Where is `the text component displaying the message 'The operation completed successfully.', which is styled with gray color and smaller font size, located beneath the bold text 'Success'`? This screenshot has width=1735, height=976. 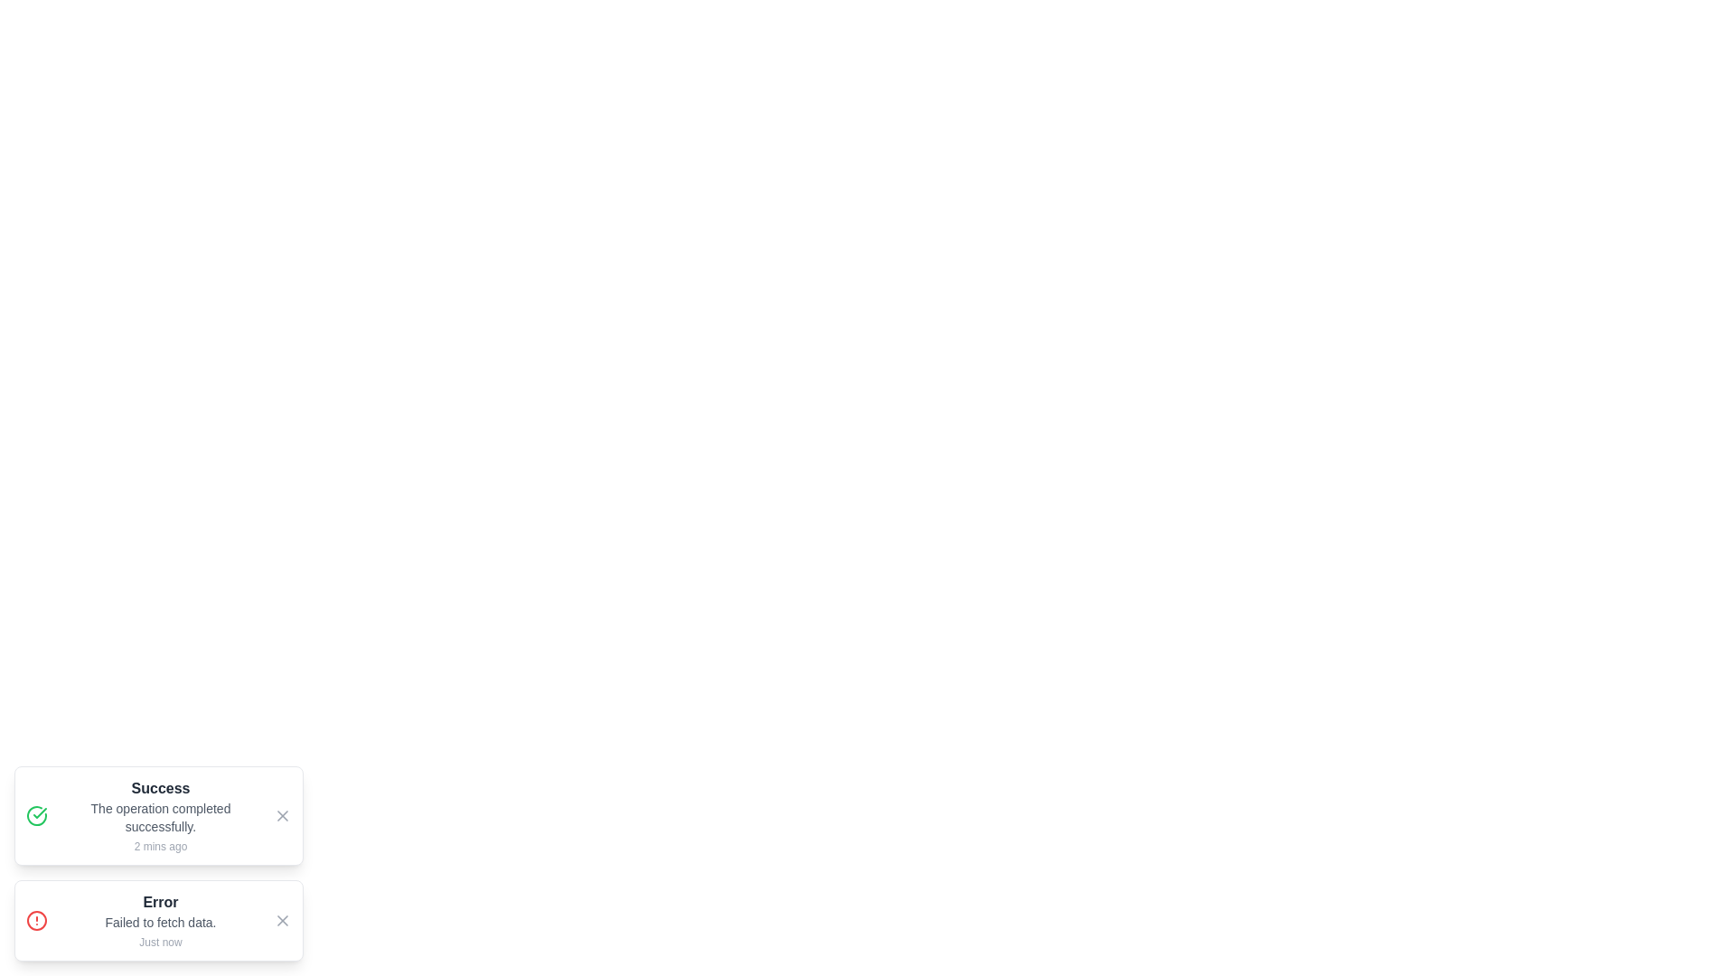 the text component displaying the message 'The operation completed successfully.', which is styled with gray color and smaller font size, located beneath the bold text 'Success' is located at coordinates (160, 818).